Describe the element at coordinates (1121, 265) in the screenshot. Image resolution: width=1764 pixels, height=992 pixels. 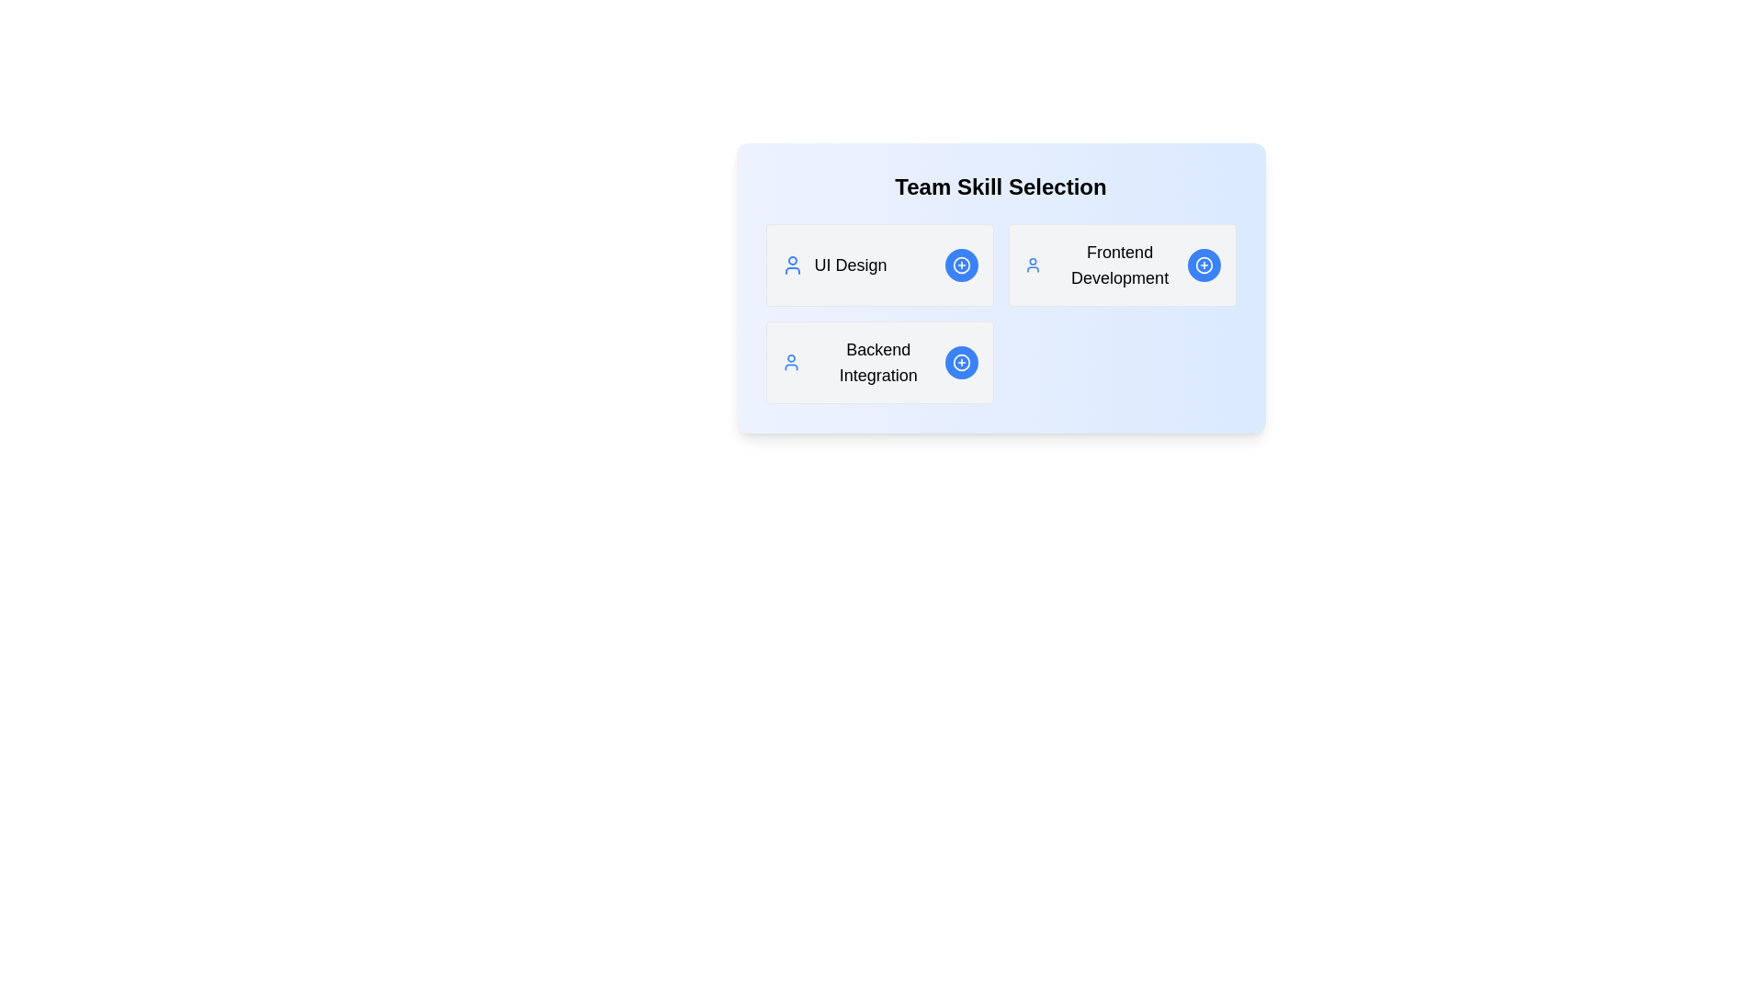
I see `the skill card labeled Frontend Development` at that location.